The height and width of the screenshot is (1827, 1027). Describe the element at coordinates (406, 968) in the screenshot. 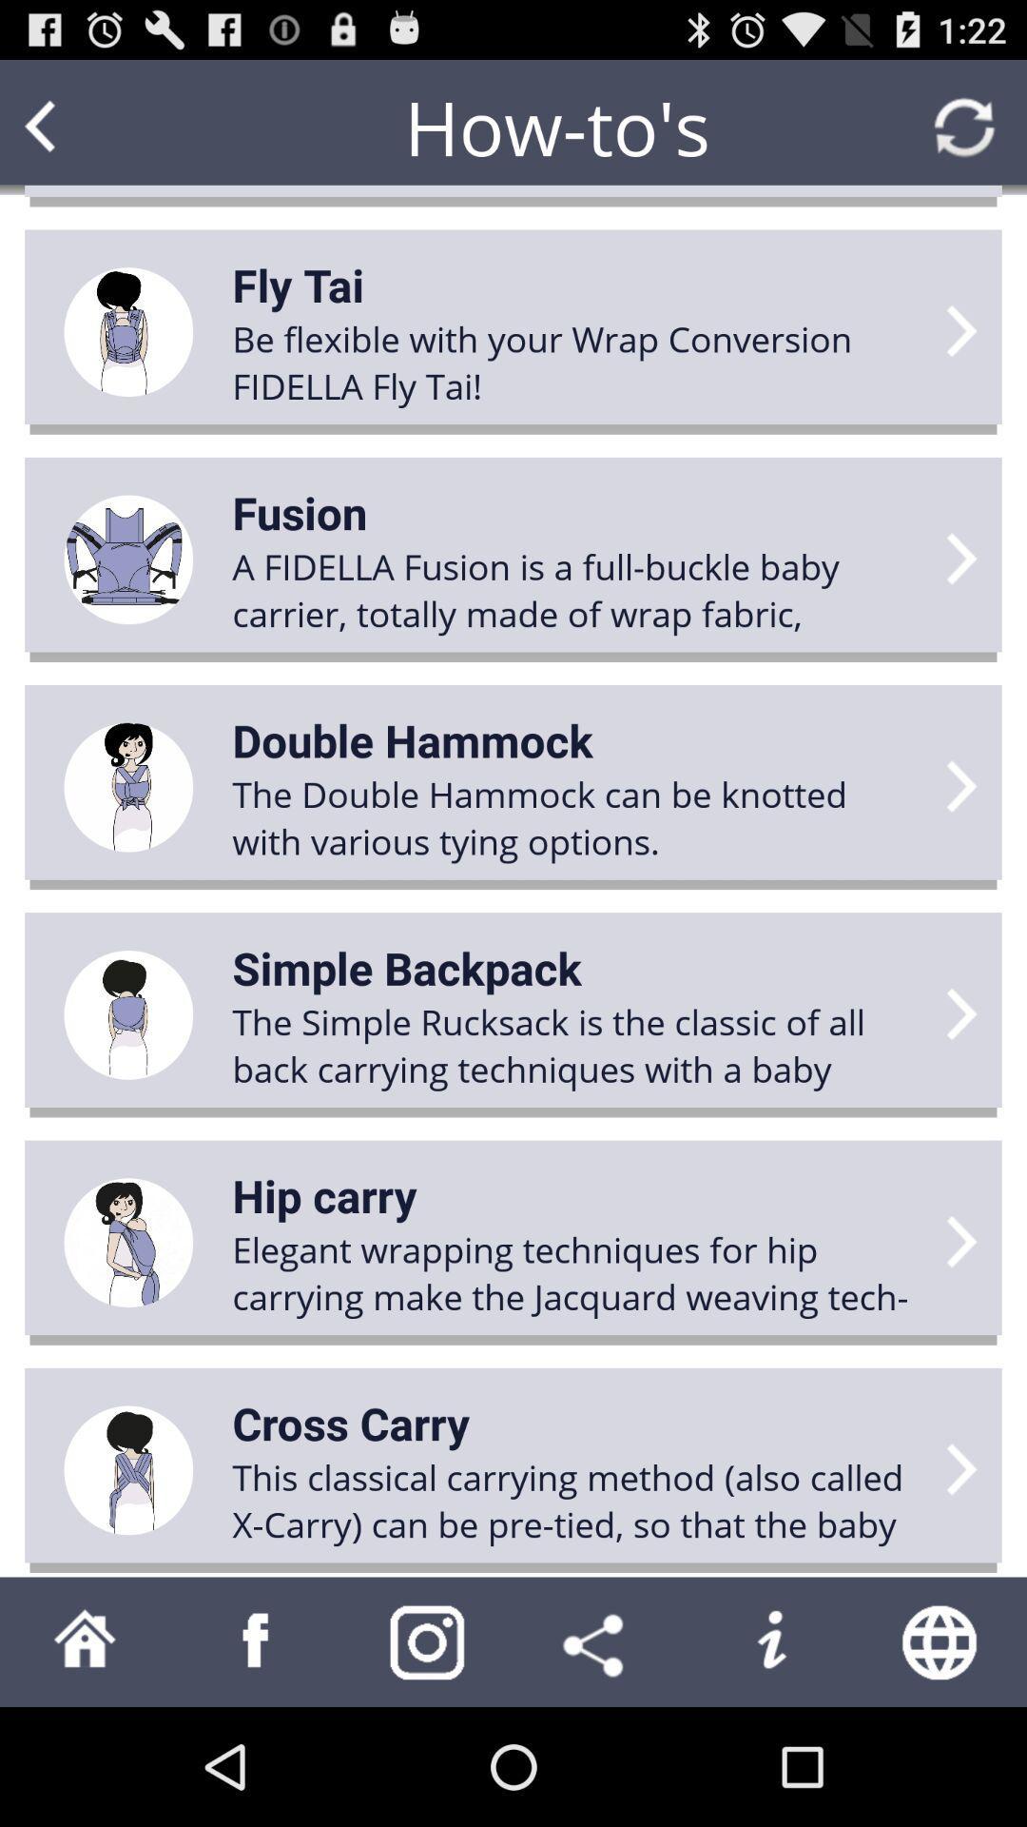

I see `the icon above the the simple rucksack item` at that location.